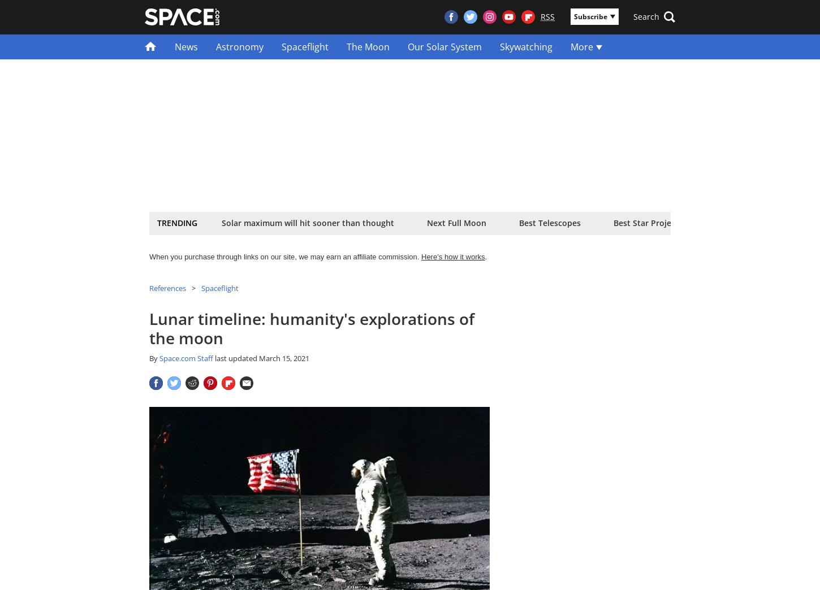 The width and height of the screenshot is (820, 590). What do you see at coordinates (304, 158) in the screenshot?
I see `'Jam packed issues filled with the latest cutting-edge research, technology and theories delivered in an entertaining and visually stunning way, aiming to educate and inspire readers of all ages'` at bounding box center [304, 158].